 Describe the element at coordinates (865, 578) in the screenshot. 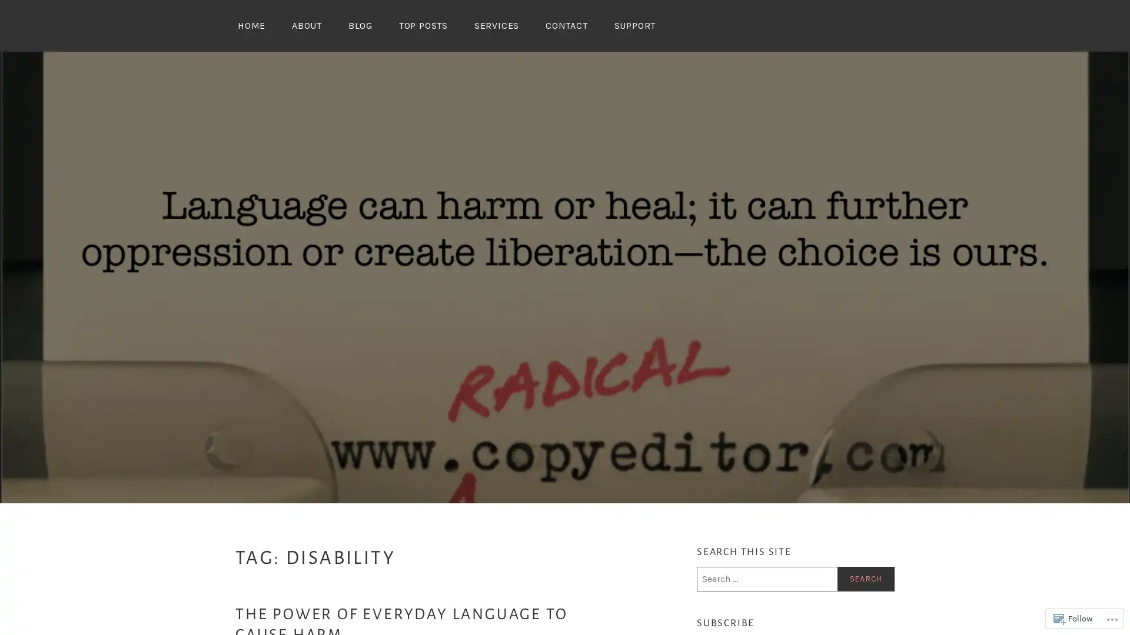

I see `Search` at that location.